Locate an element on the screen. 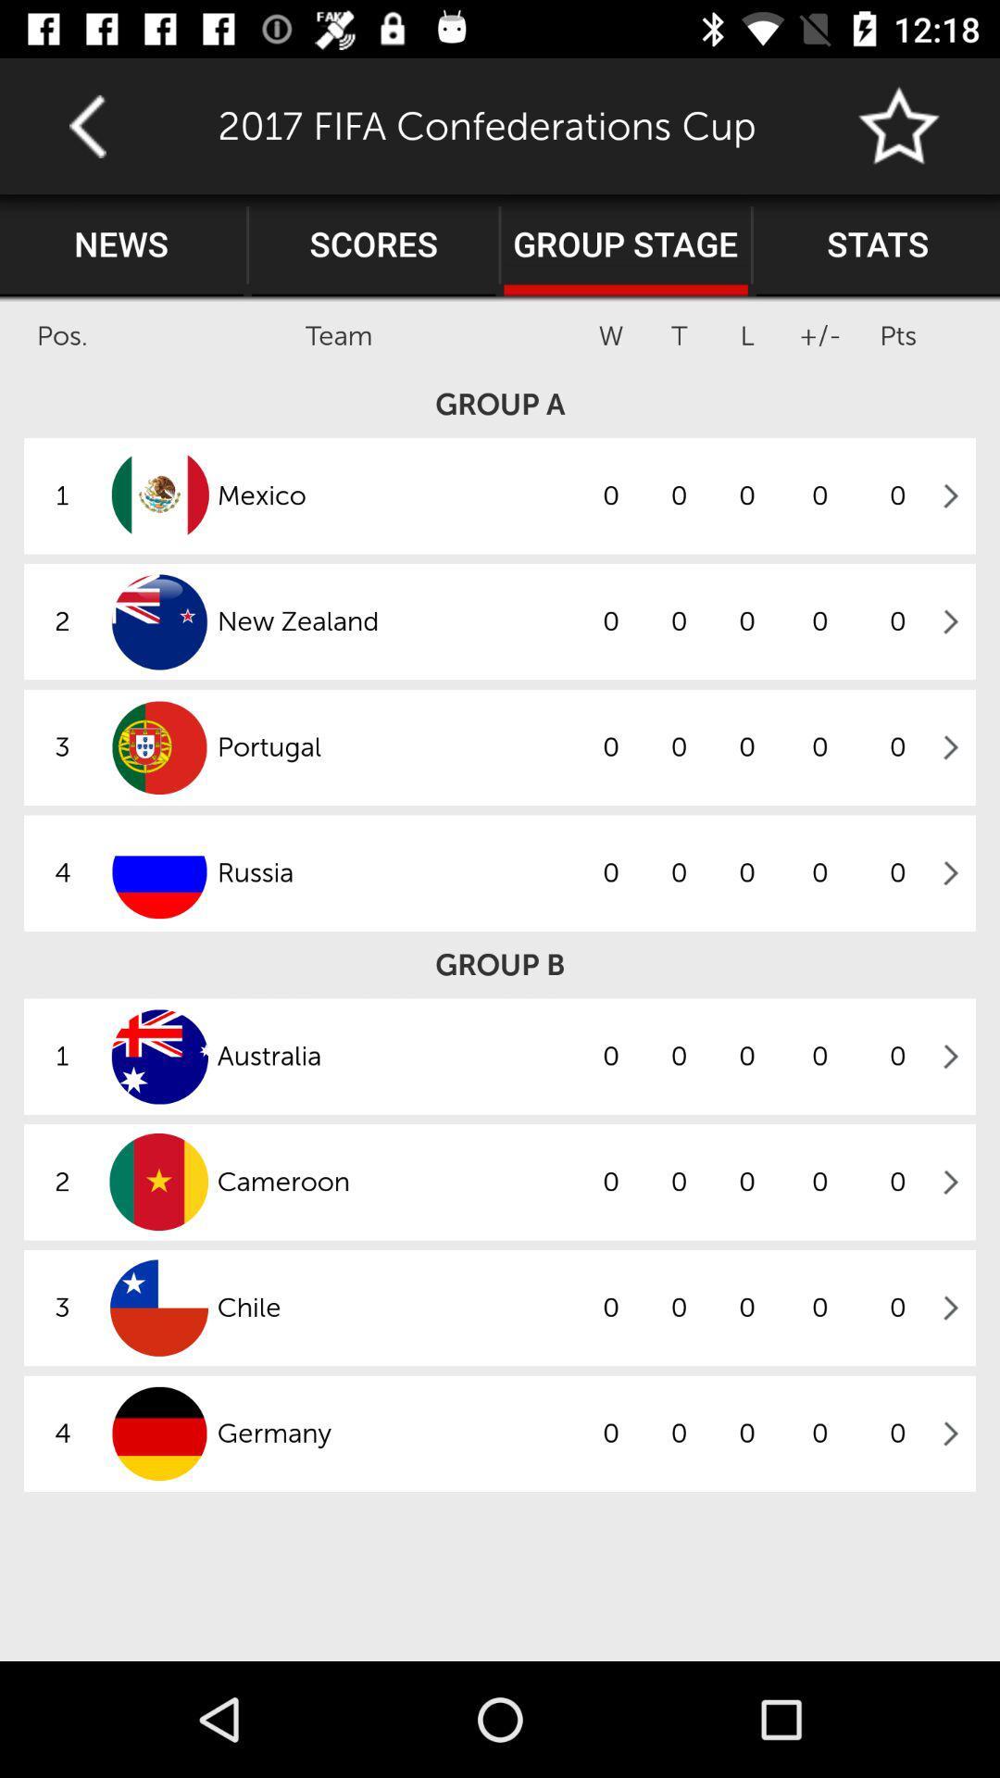  the icon to the right of 2017 fifa confederations is located at coordinates (899, 125).